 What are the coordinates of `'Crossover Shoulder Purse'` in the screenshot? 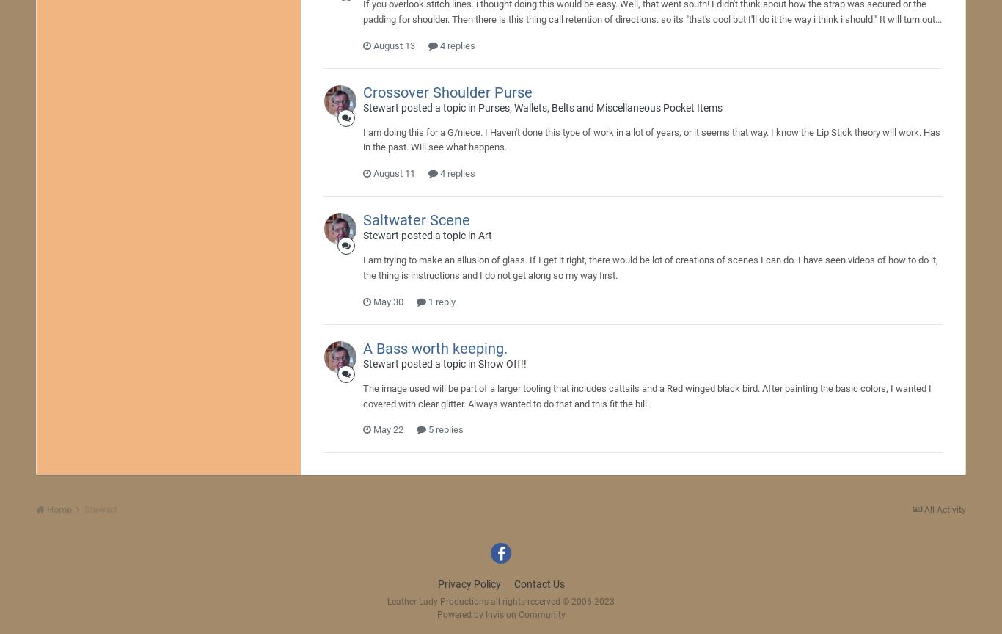 It's located at (363, 91).